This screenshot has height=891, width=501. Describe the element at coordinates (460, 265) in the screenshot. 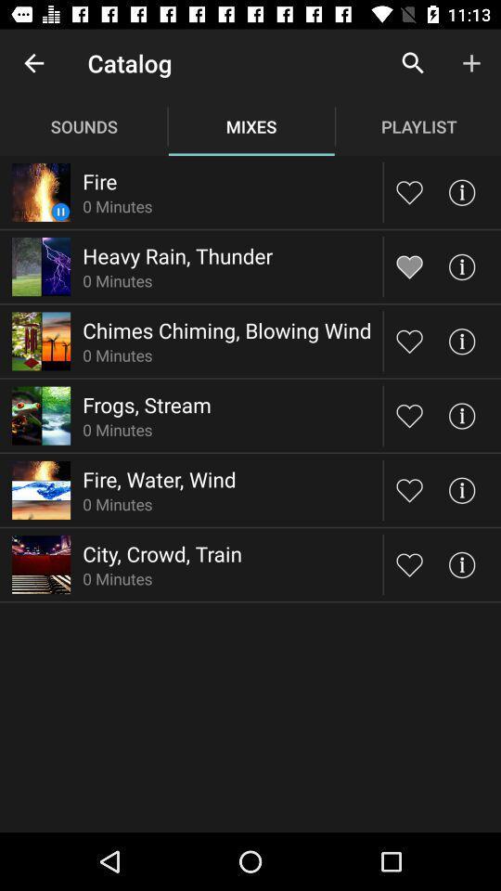

I see `mais informaoes aqui` at that location.